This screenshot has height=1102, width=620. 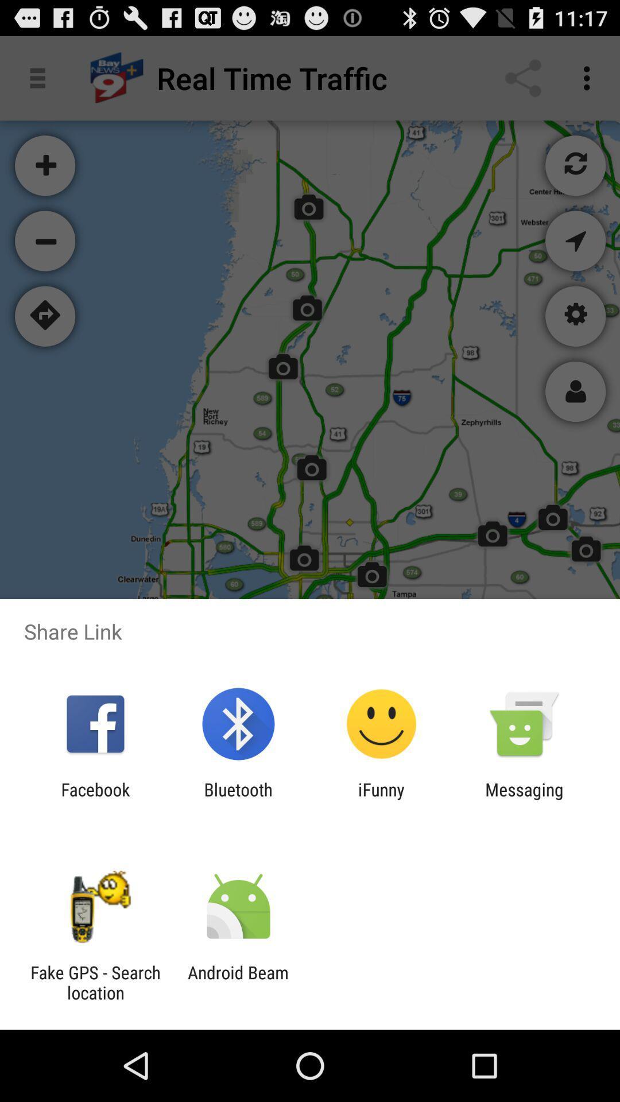 What do you see at coordinates (238, 799) in the screenshot?
I see `item to the right of the facebook item` at bounding box center [238, 799].